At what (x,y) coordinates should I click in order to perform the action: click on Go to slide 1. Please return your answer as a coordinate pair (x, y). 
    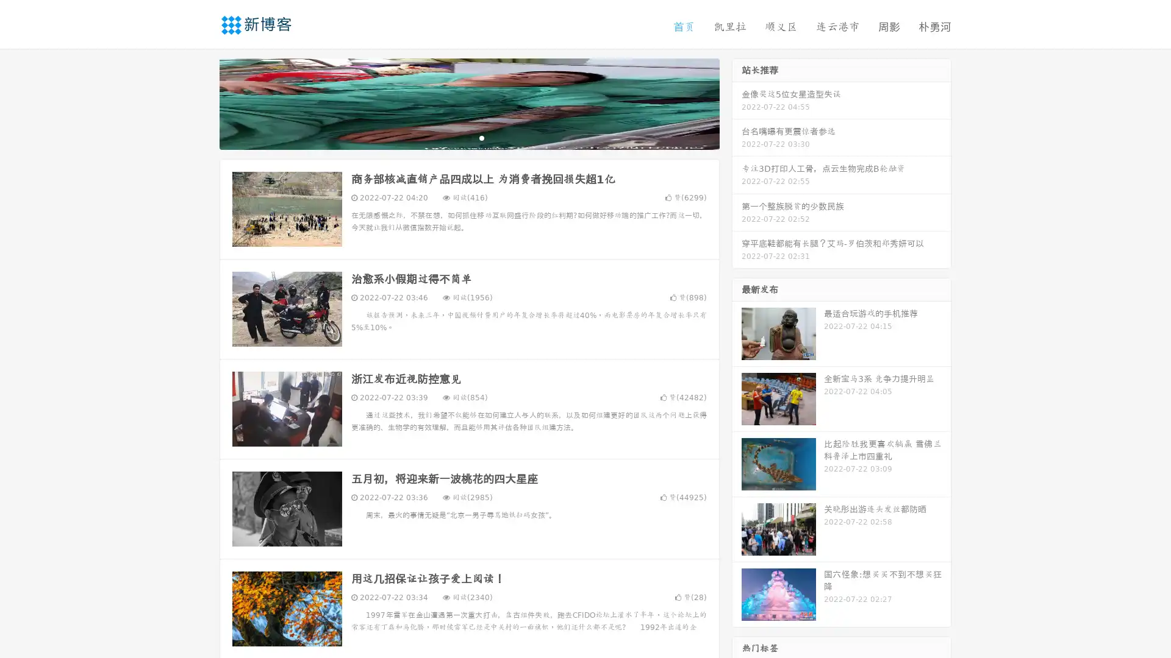
    Looking at the image, I should click on (456, 137).